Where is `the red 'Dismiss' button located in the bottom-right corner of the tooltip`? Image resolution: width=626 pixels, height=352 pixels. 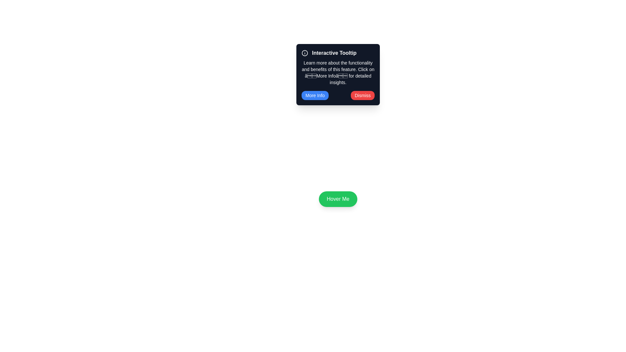 the red 'Dismiss' button located in the bottom-right corner of the tooltip is located at coordinates (362, 95).